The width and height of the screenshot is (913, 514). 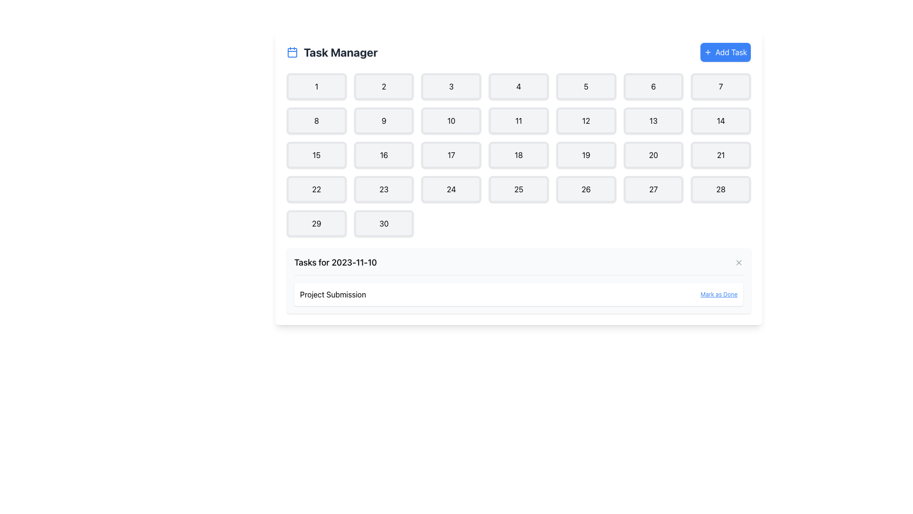 I want to click on the button displaying the bold black text '28' with a light grey background, so click(x=721, y=189).